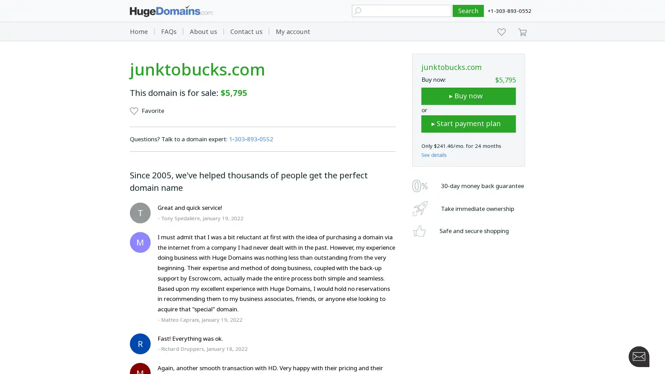  What do you see at coordinates (468, 11) in the screenshot?
I see `Search` at bounding box center [468, 11].